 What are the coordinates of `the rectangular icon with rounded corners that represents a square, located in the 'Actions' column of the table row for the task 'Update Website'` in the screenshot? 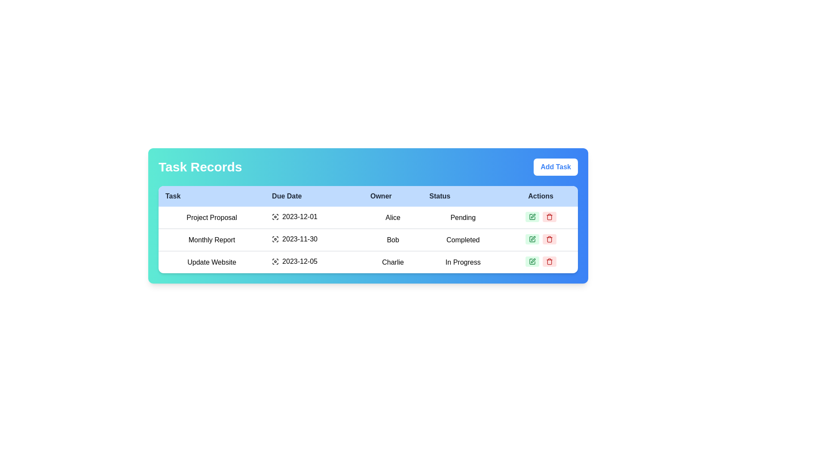 It's located at (532, 239).